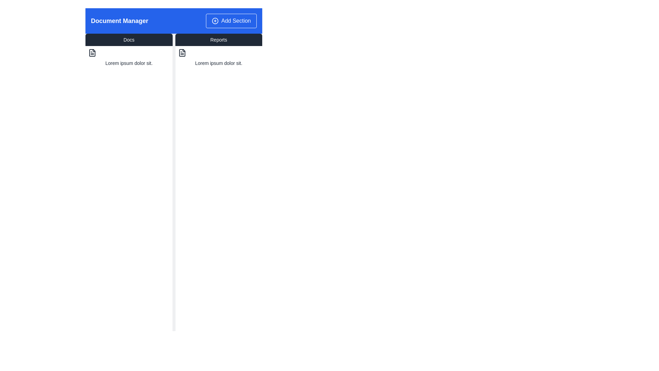 This screenshot has width=659, height=371. I want to click on the 'Reports' button with a dark gray background and white text, so click(218, 40).